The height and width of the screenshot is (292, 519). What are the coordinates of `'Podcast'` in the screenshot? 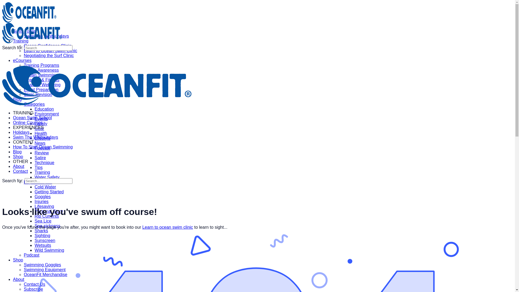 It's located at (31, 255).